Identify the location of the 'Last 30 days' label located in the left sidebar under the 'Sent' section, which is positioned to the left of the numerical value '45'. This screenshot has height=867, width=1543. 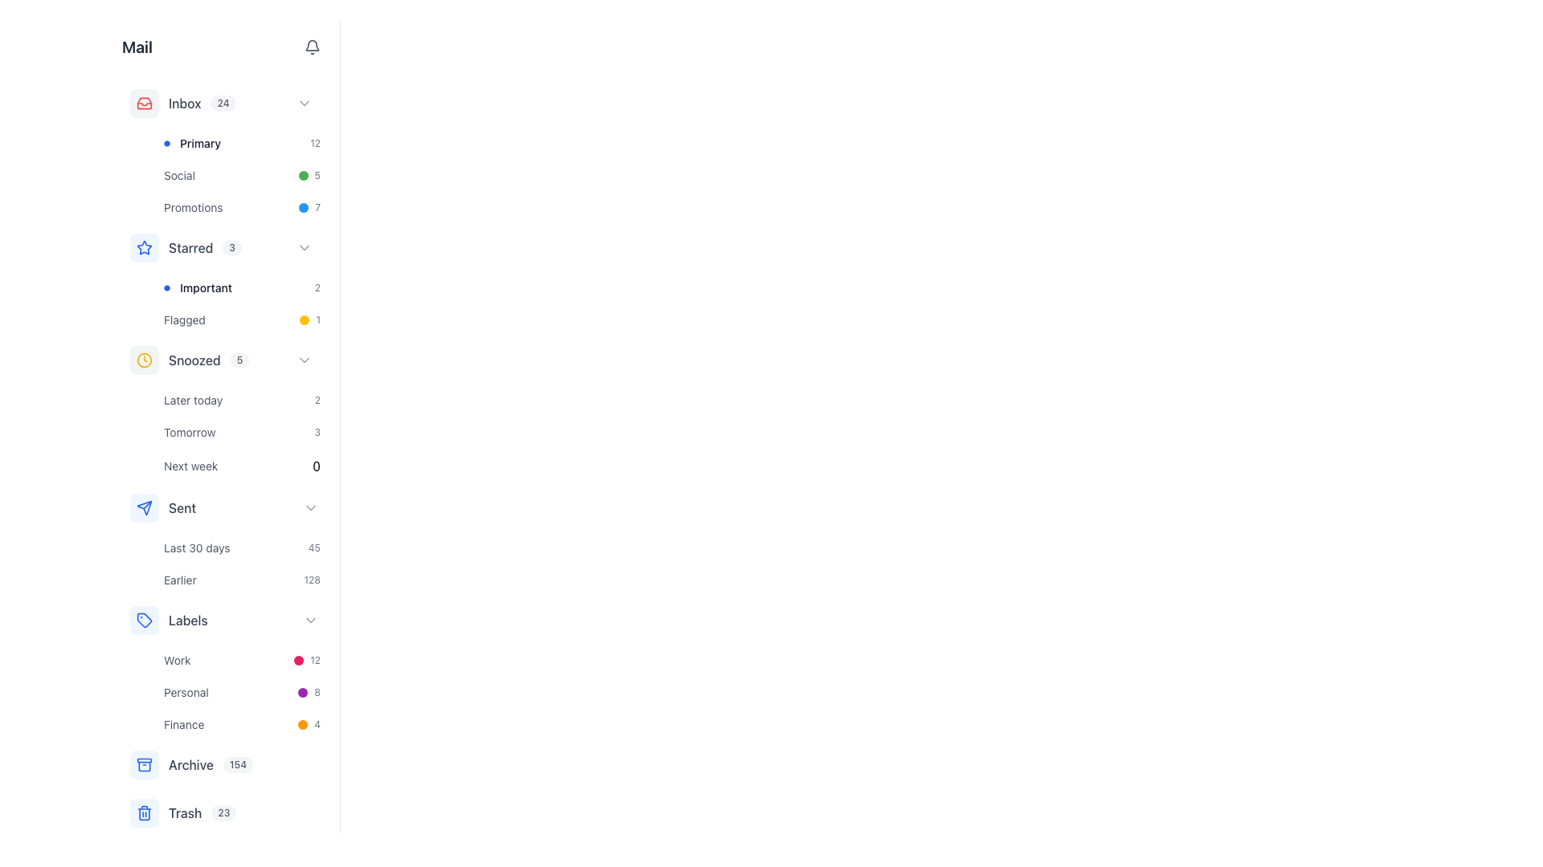
(196, 547).